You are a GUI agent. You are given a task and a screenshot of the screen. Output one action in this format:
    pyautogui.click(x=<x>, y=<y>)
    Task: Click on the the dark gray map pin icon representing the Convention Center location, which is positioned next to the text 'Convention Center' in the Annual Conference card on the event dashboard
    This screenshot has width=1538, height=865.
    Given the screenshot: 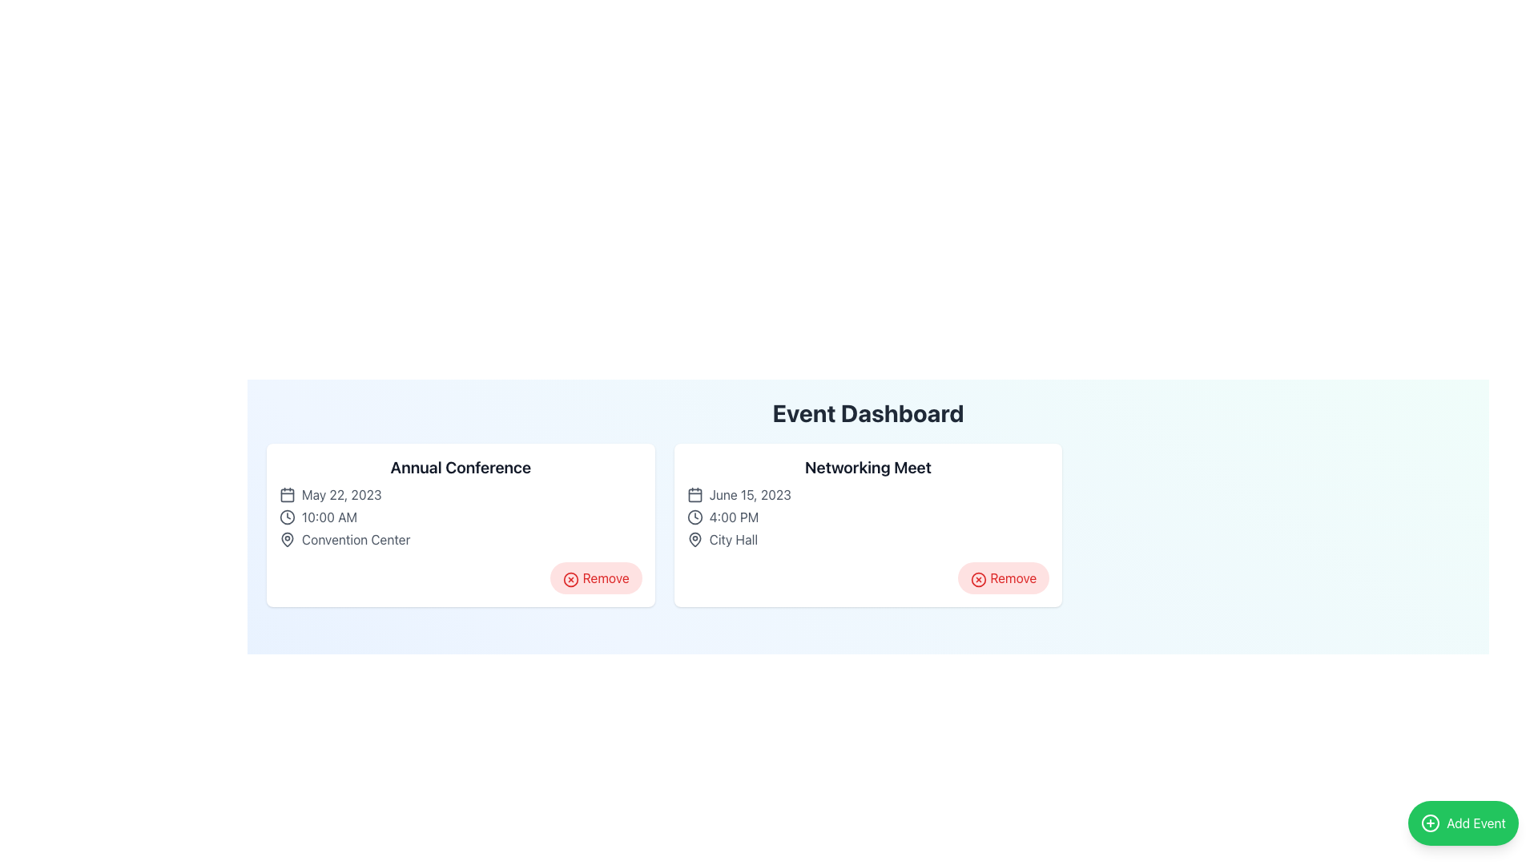 What is the action you would take?
    pyautogui.click(x=288, y=540)
    